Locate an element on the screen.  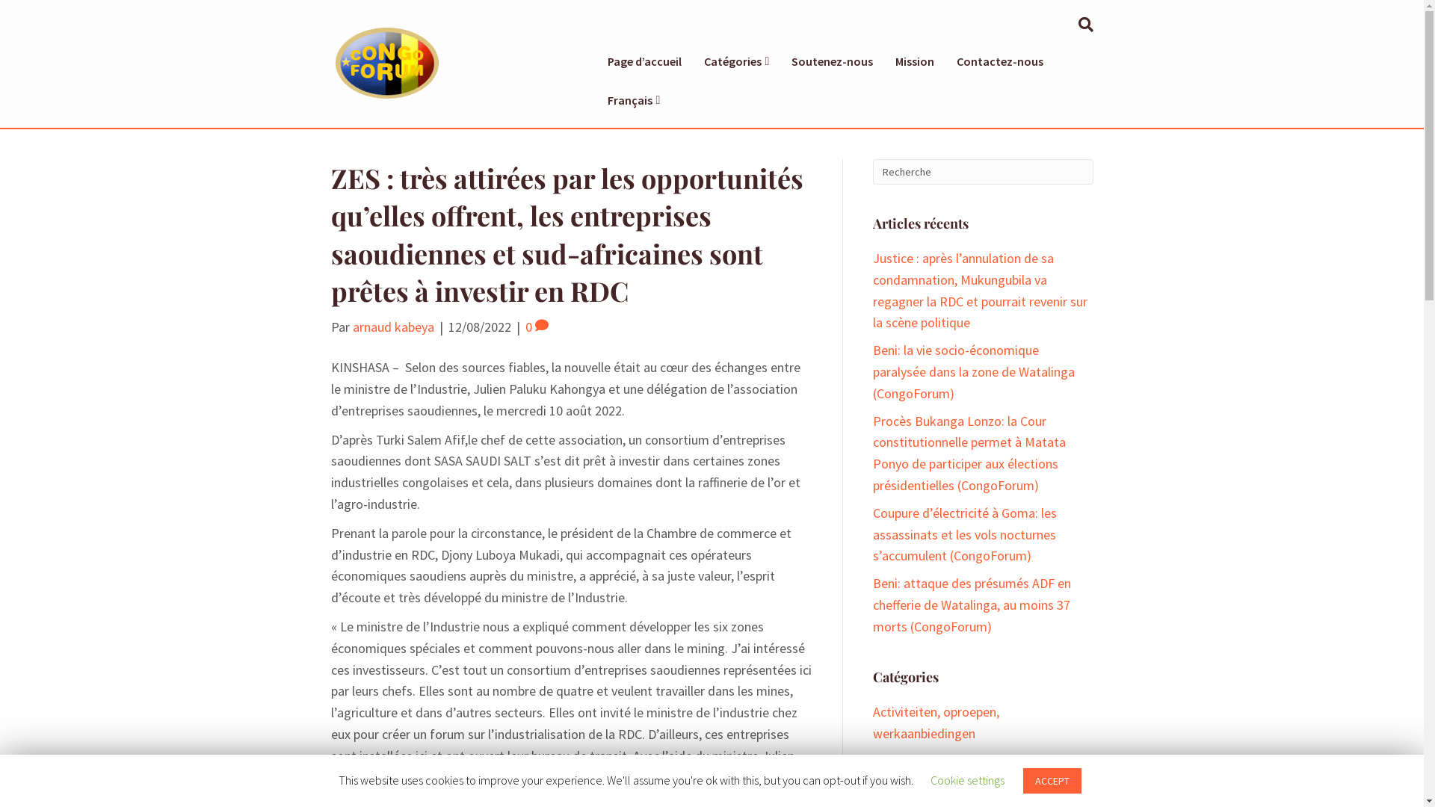
'ACCEPT' is located at coordinates (1051, 780).